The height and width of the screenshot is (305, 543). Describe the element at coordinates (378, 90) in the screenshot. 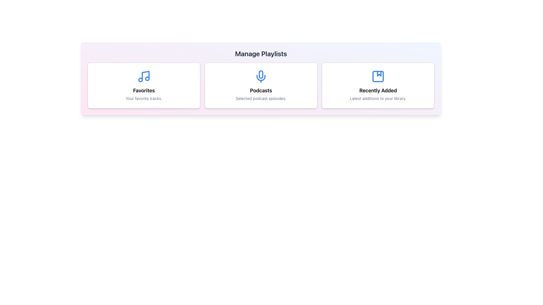

I see `the 'Recently Added' static text, which is styled in bold and larger font, located centrally within the last card of a three-card layout` at that location.